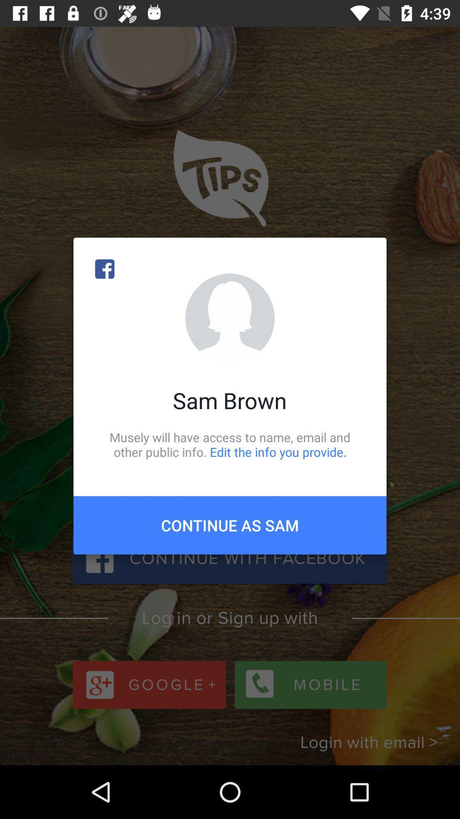 This screenshot has width=460, height=819. What do you see at coordinates (230, 444) in the screenshot?
I see `icon above continue as sam` at bounding box center [230, 444].